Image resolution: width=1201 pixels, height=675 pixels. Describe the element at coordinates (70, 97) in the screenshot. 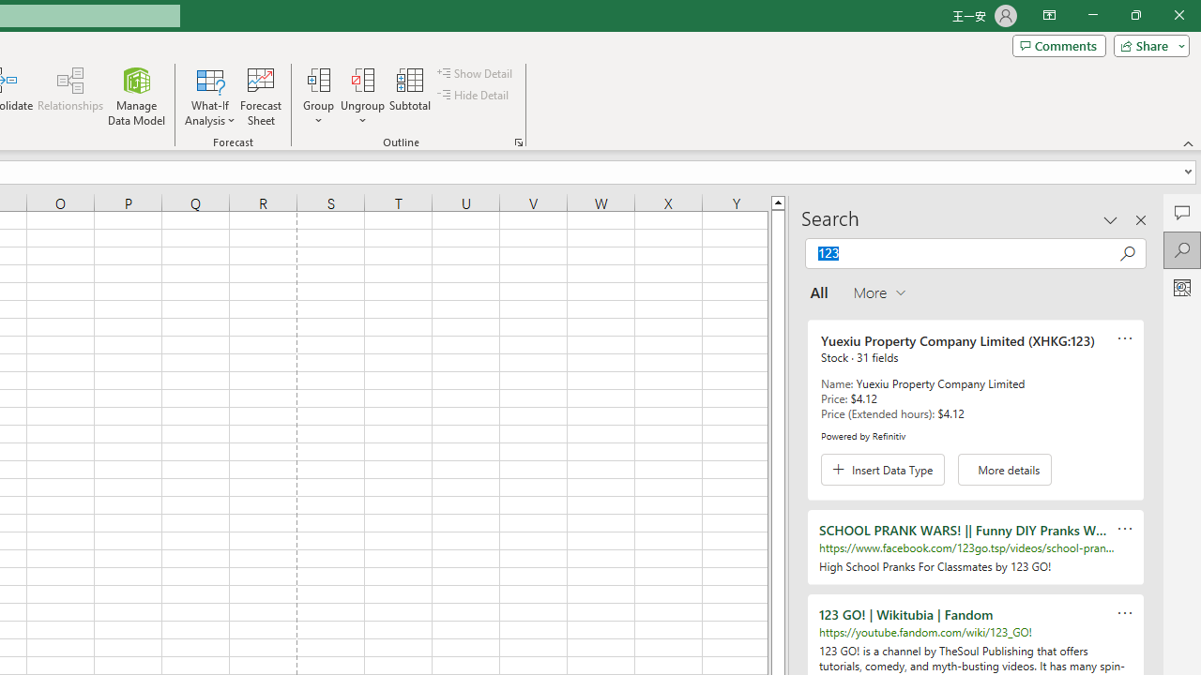

I see `'Relationships'` at that location.